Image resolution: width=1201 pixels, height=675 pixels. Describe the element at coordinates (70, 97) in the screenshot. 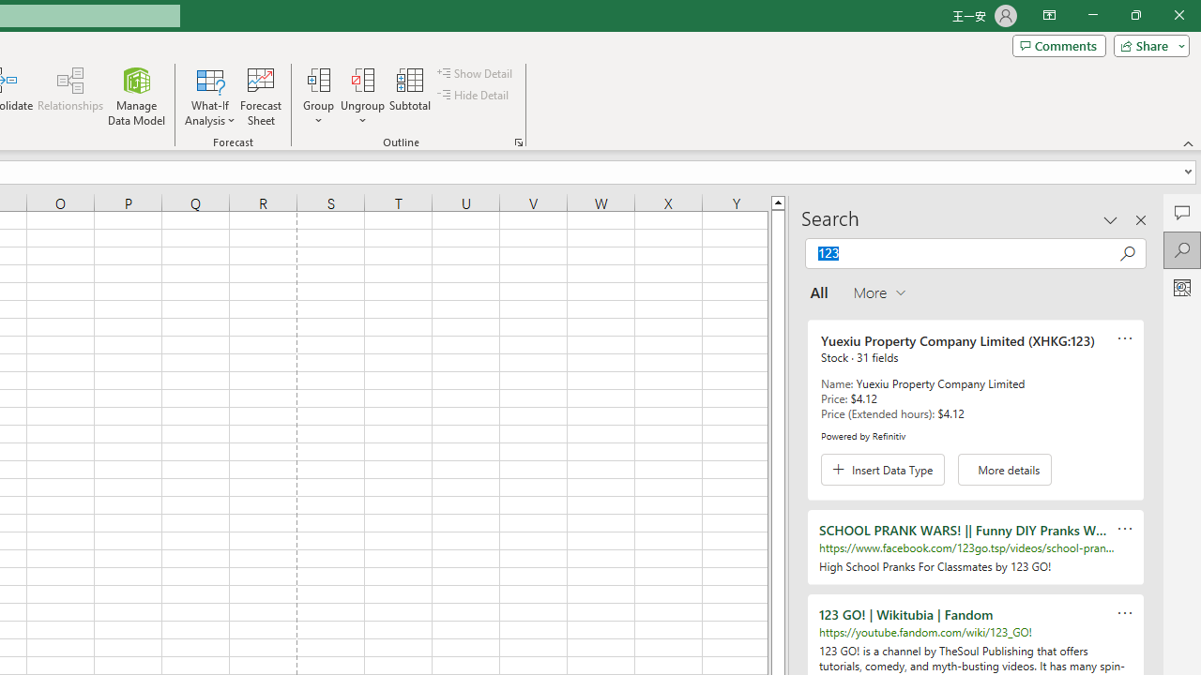

I see `'Relationships'` at that location.